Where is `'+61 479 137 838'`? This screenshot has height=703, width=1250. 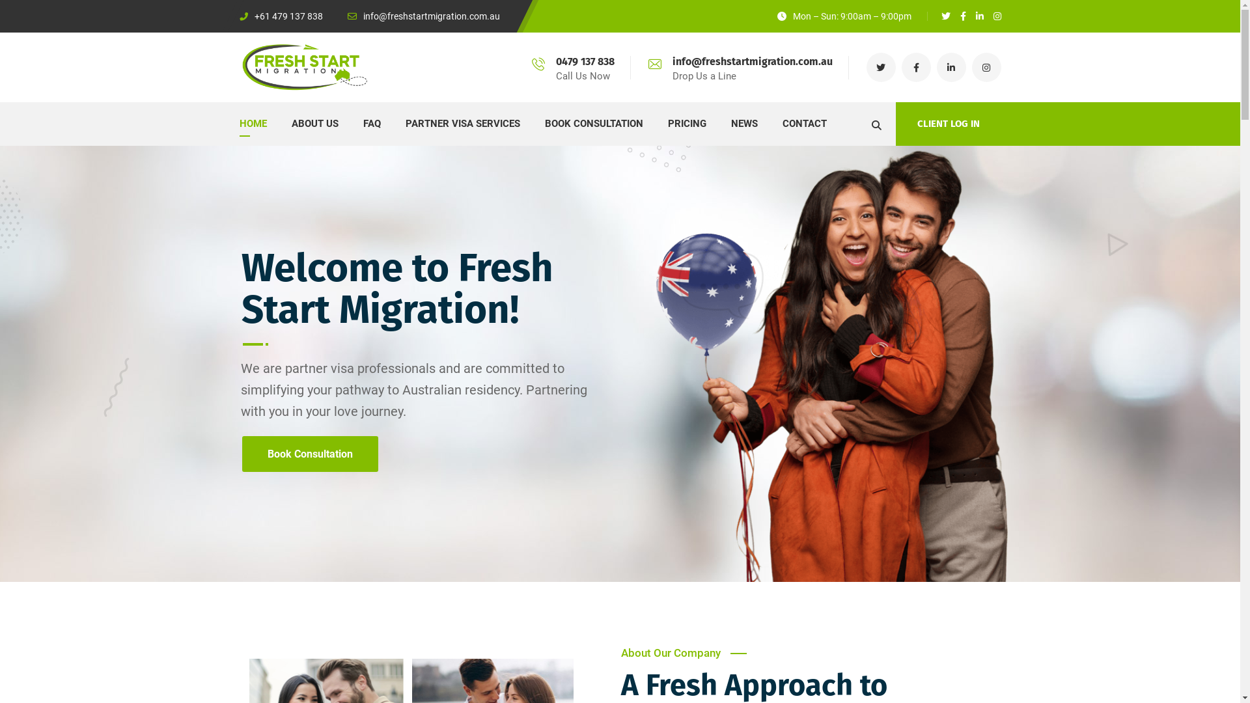 '+61 479 137 838' is located at coordinates (281, 16).